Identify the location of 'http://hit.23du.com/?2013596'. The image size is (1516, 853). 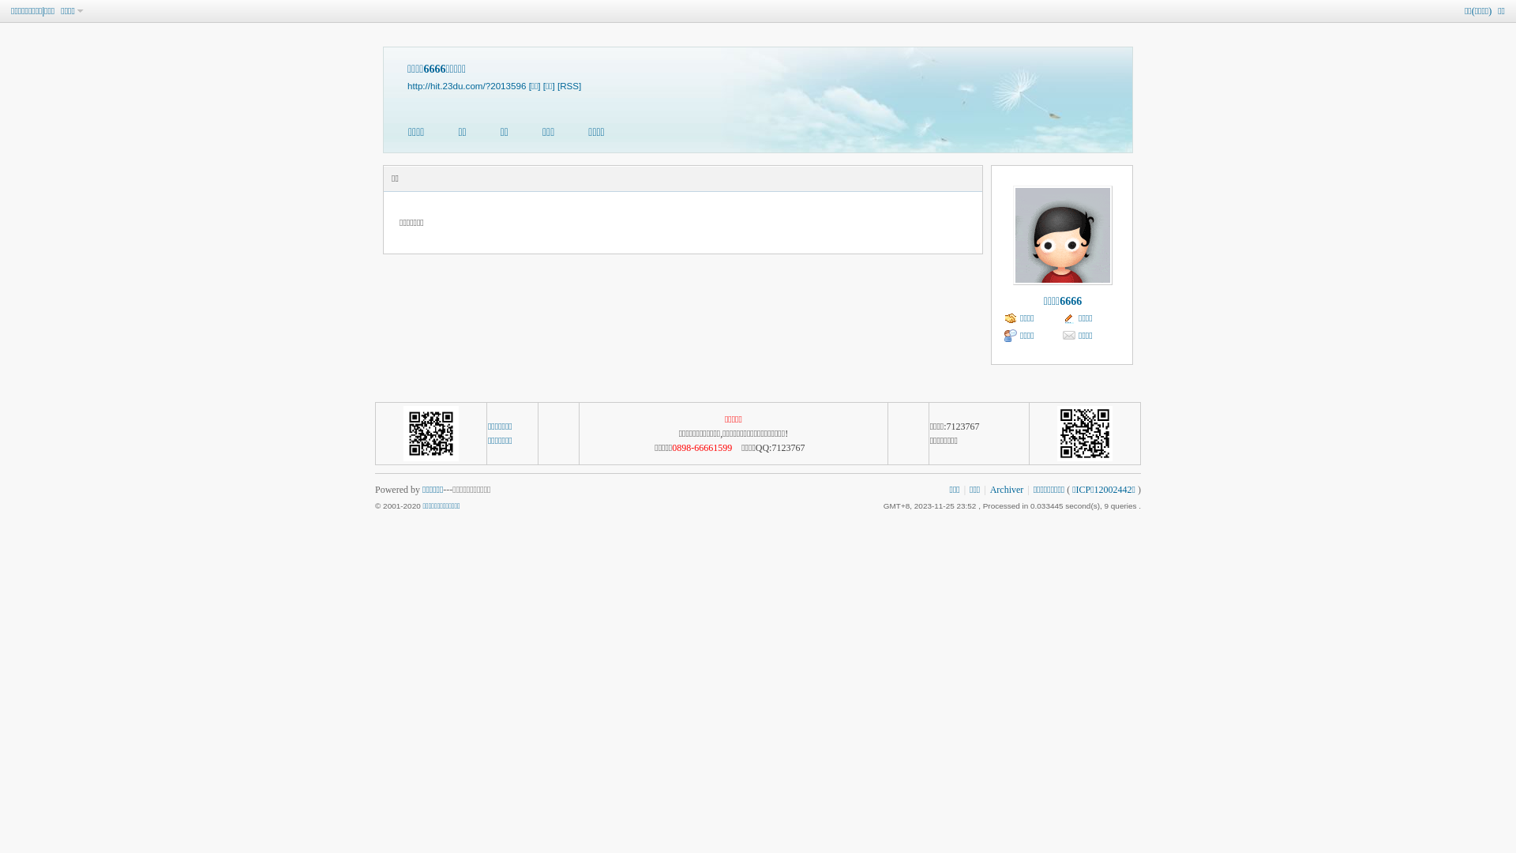
(465, 85).